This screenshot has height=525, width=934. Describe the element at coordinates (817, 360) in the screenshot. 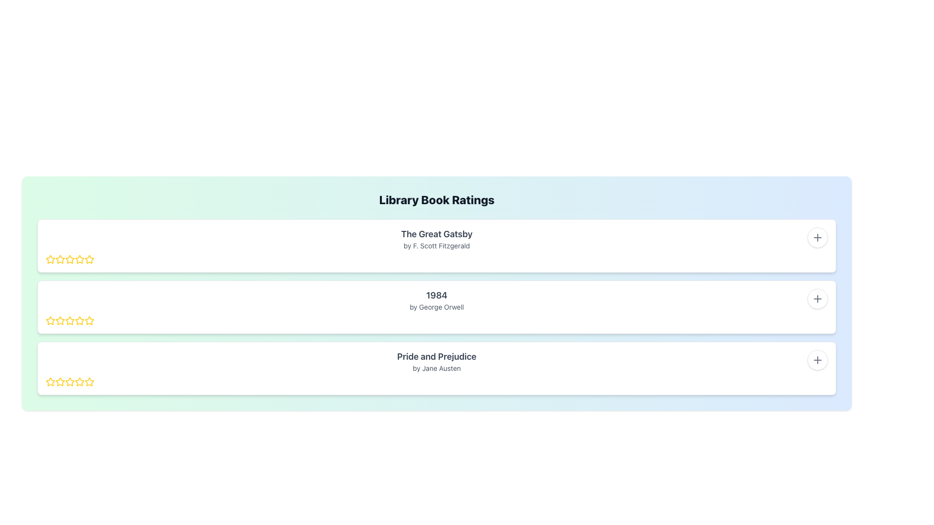

I see `the circular button with a white background and gray '+' icon located in the top-right corner of the 'Pride and Prejudice' card` at that location.